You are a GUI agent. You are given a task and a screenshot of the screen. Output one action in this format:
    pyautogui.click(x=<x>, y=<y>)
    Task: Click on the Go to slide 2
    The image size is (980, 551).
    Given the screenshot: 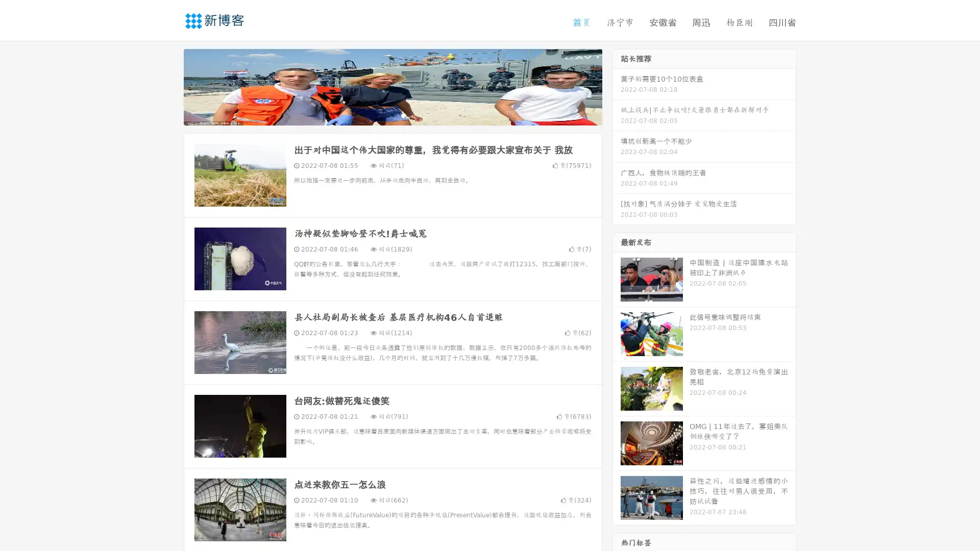 What is the action you would take?
    pyautogui.click(x=392, y=115)
    